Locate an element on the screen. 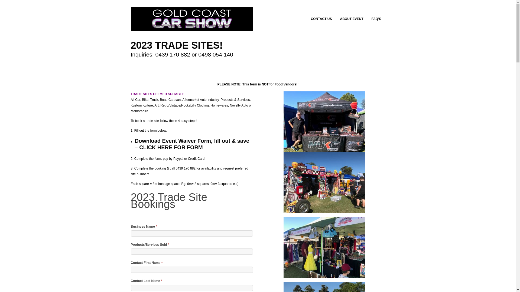 The image size is (520, 292). 'ABOUT EVENT' is located at coordinates (353, 18).